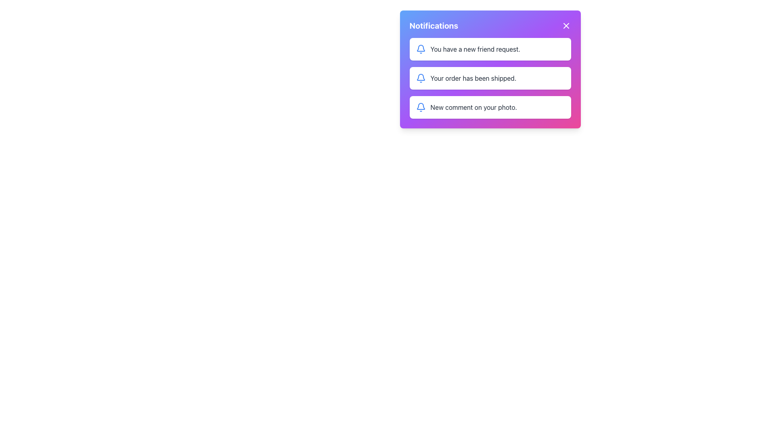 The height and width of the screenshot is (436, 775). Describe the element at coordinates (420, 49) in the screenshot. I see `notification icon, which is a blue bell located to the left of the text 'You have a new friend request' in the first notification card` at that location.